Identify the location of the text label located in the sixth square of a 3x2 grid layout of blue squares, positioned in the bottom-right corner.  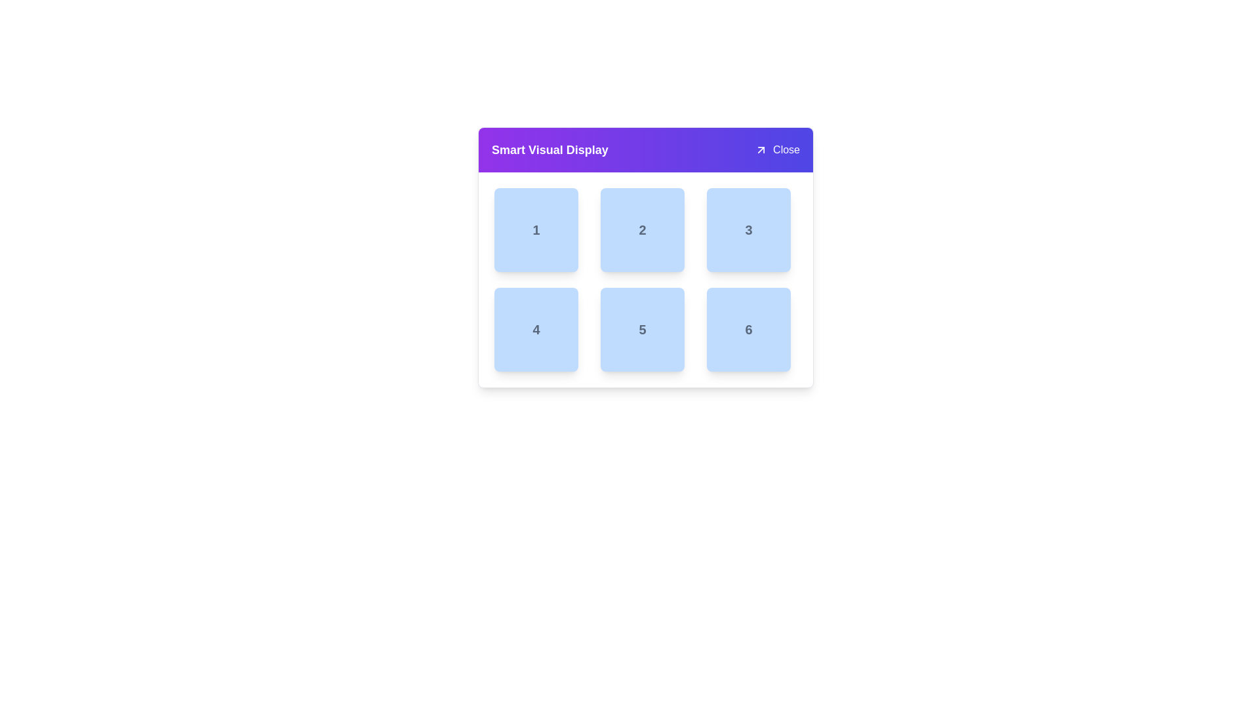
(749, 328).